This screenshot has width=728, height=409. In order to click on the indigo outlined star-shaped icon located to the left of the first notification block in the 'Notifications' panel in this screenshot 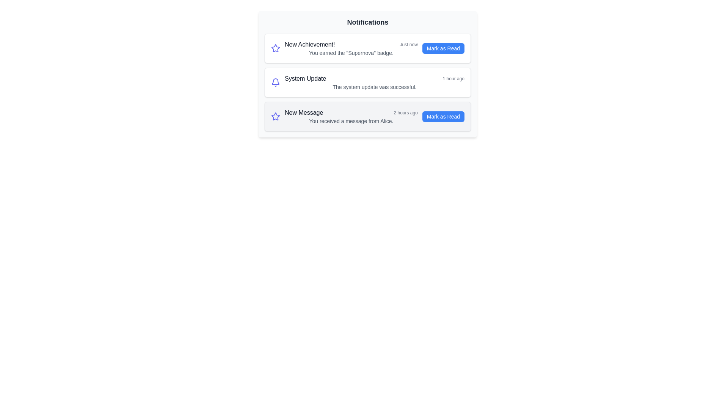, I will do `click(275, 48)`.